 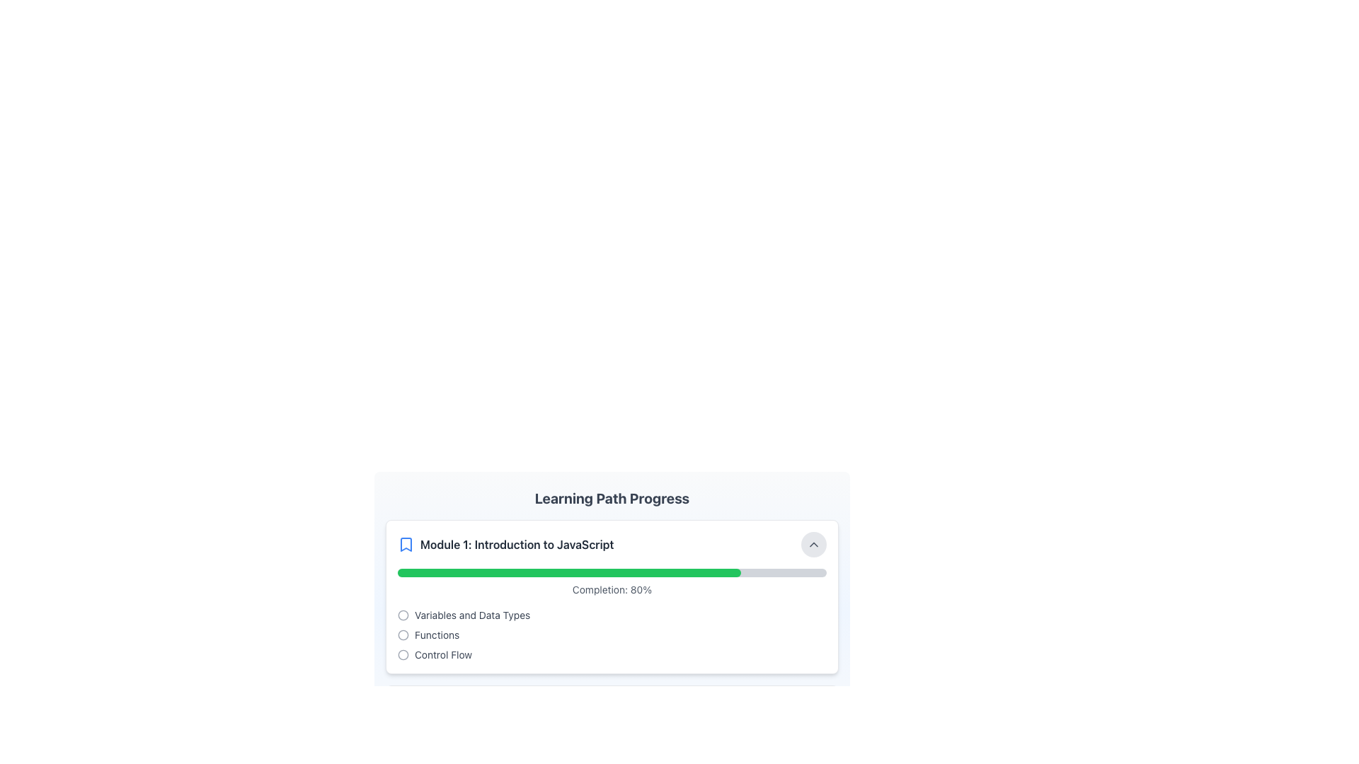 What do you see at coordinates (612, 608) in the screenshot?
I see `the green progress bar in the 'Module 1: Introduction to JavaScript' section` at bounding box center [612, 608].